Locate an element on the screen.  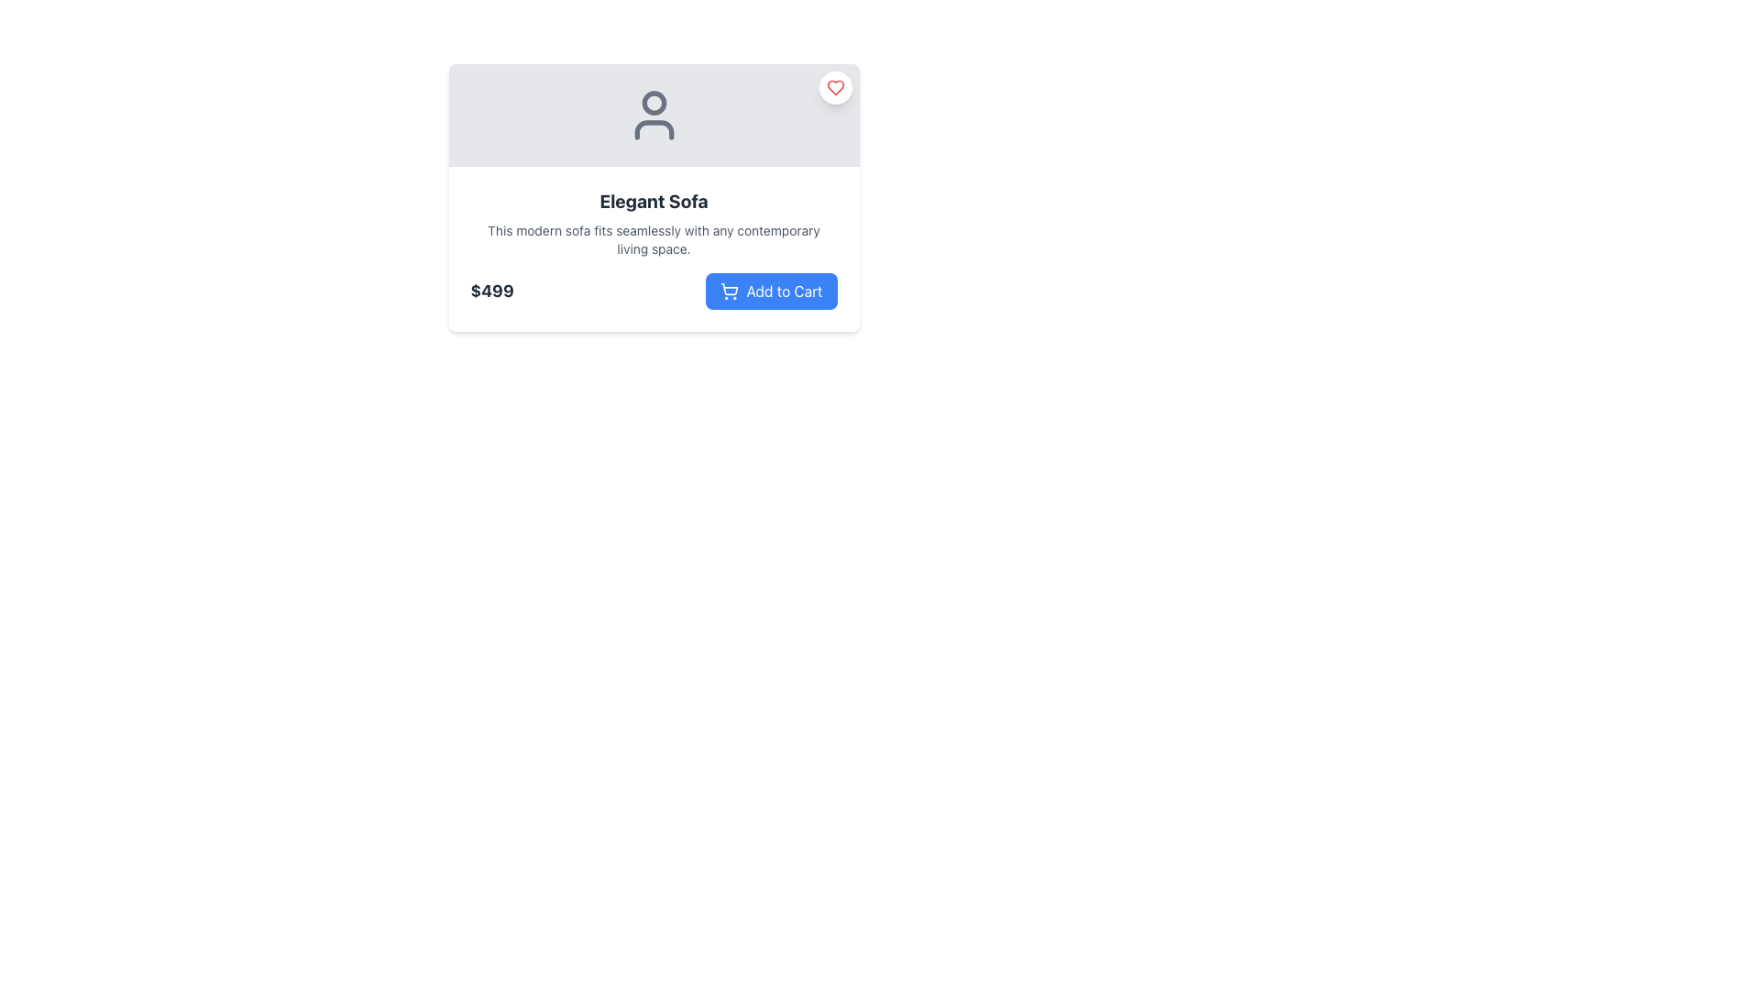
the shopping cart icon, which is an outlined style icon located inside the 'Add to Cart' button, centered vertically and slightly towards the left edge before the text 'Add to Cart' is located at coordinates (729, 290).